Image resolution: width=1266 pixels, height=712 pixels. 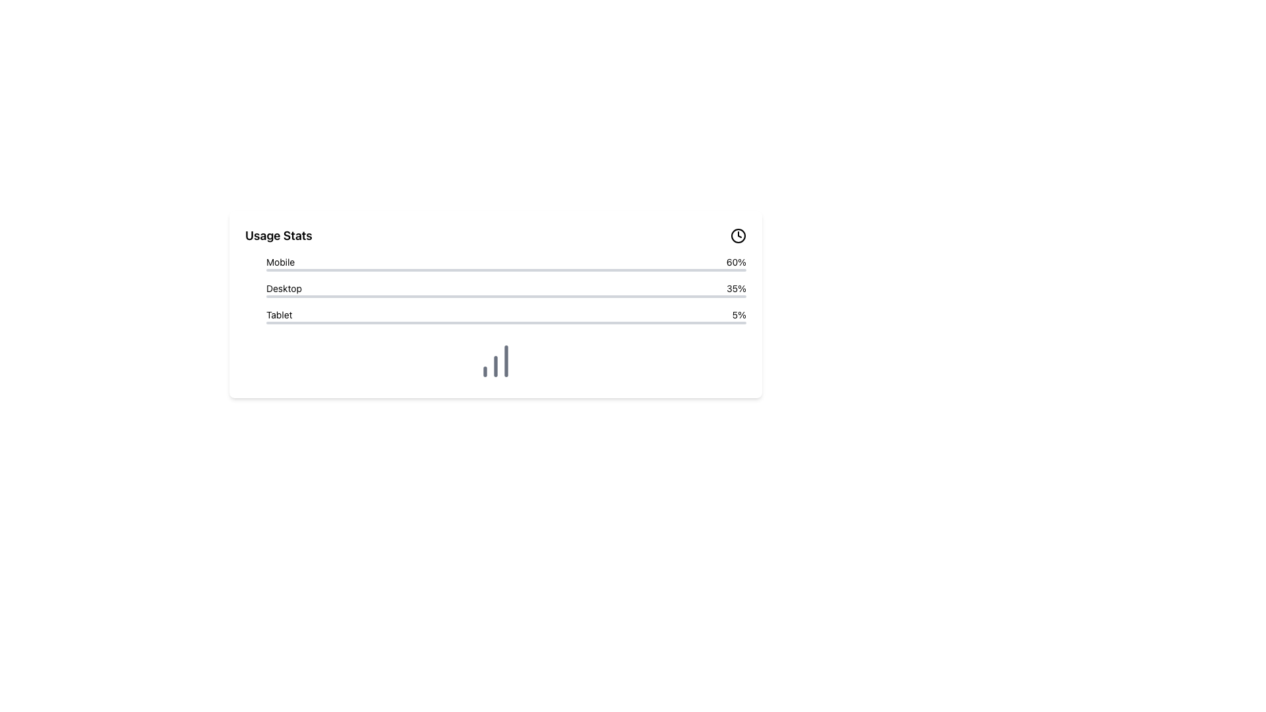 What do you see at coordinates (278, 322) in the screenshot?
I see `the blue progress bar segment located within the gray horizontal bar under the 'Tablet' label` at bounding box center [278, 322].